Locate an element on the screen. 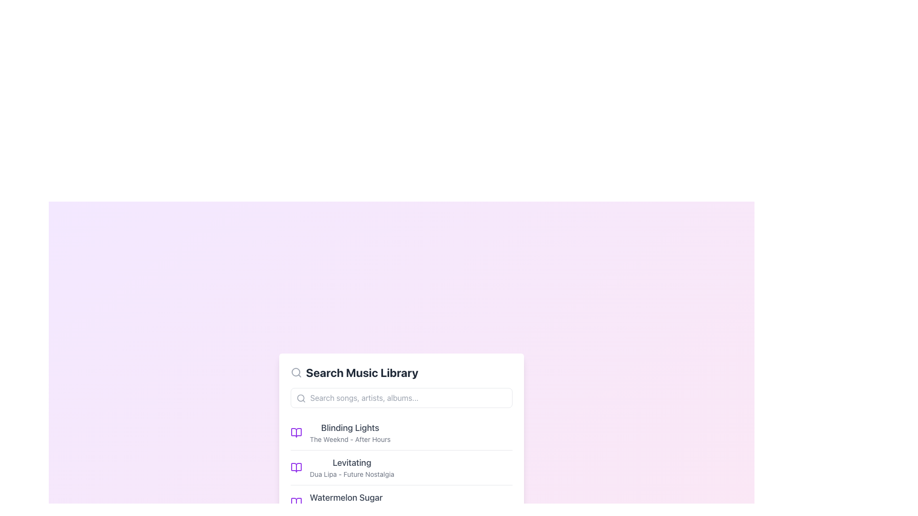  the 'Search Music Library' text element styled in bold, large dark gray font, which is located near the top of the content area with a search icon on its left is located at coordinates (361, 372).